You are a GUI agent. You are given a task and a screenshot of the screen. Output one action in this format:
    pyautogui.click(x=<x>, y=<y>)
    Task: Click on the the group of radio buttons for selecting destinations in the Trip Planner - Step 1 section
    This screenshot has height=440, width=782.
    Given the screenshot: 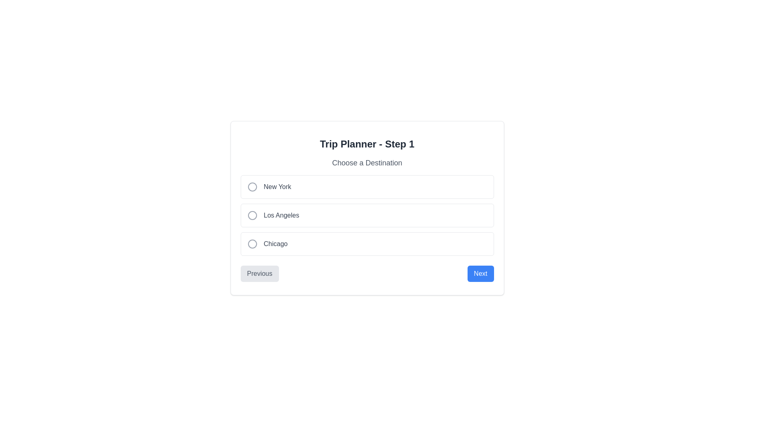 What is the action you would take?
    pyautogui.click(x=367, y=206)
    